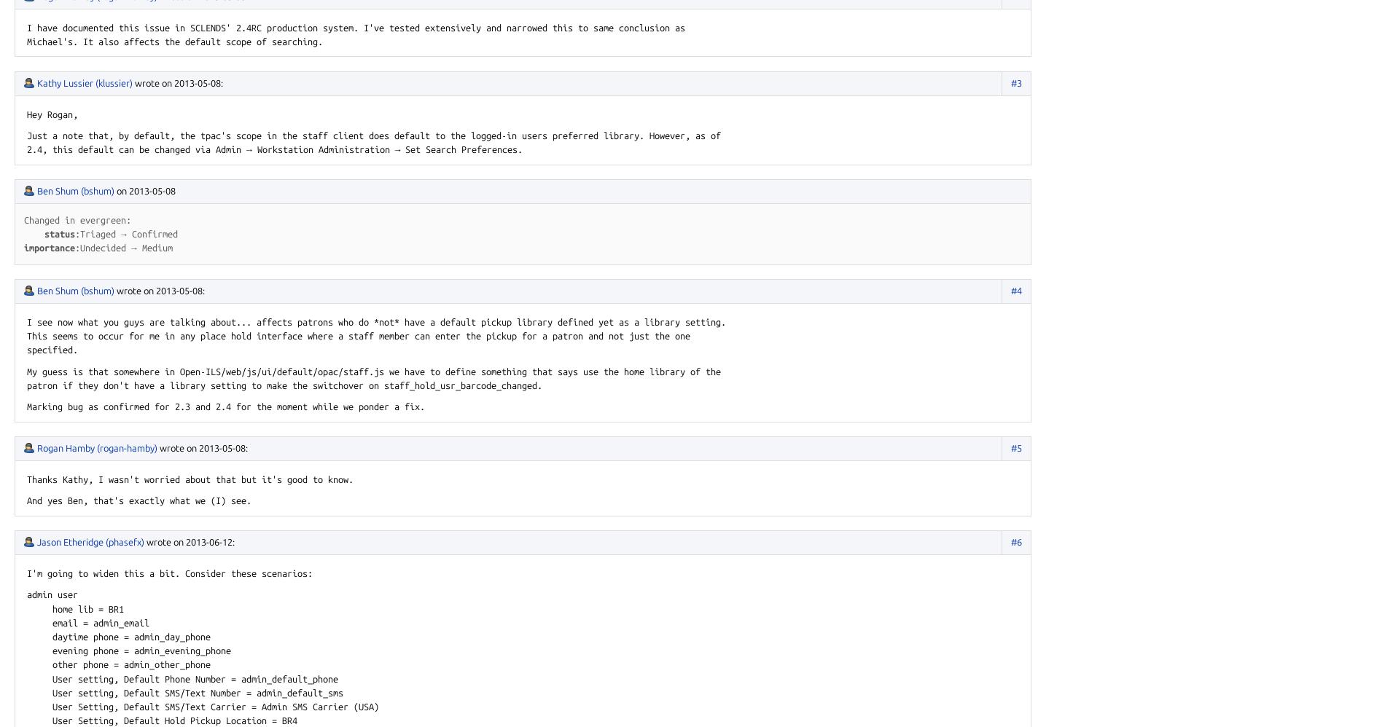 The height and width of the screenshot is (727, 1385). What do you see at coordinates (60, 232) in the screenshot?
I see `'status'` at bounding box center [60, 232].